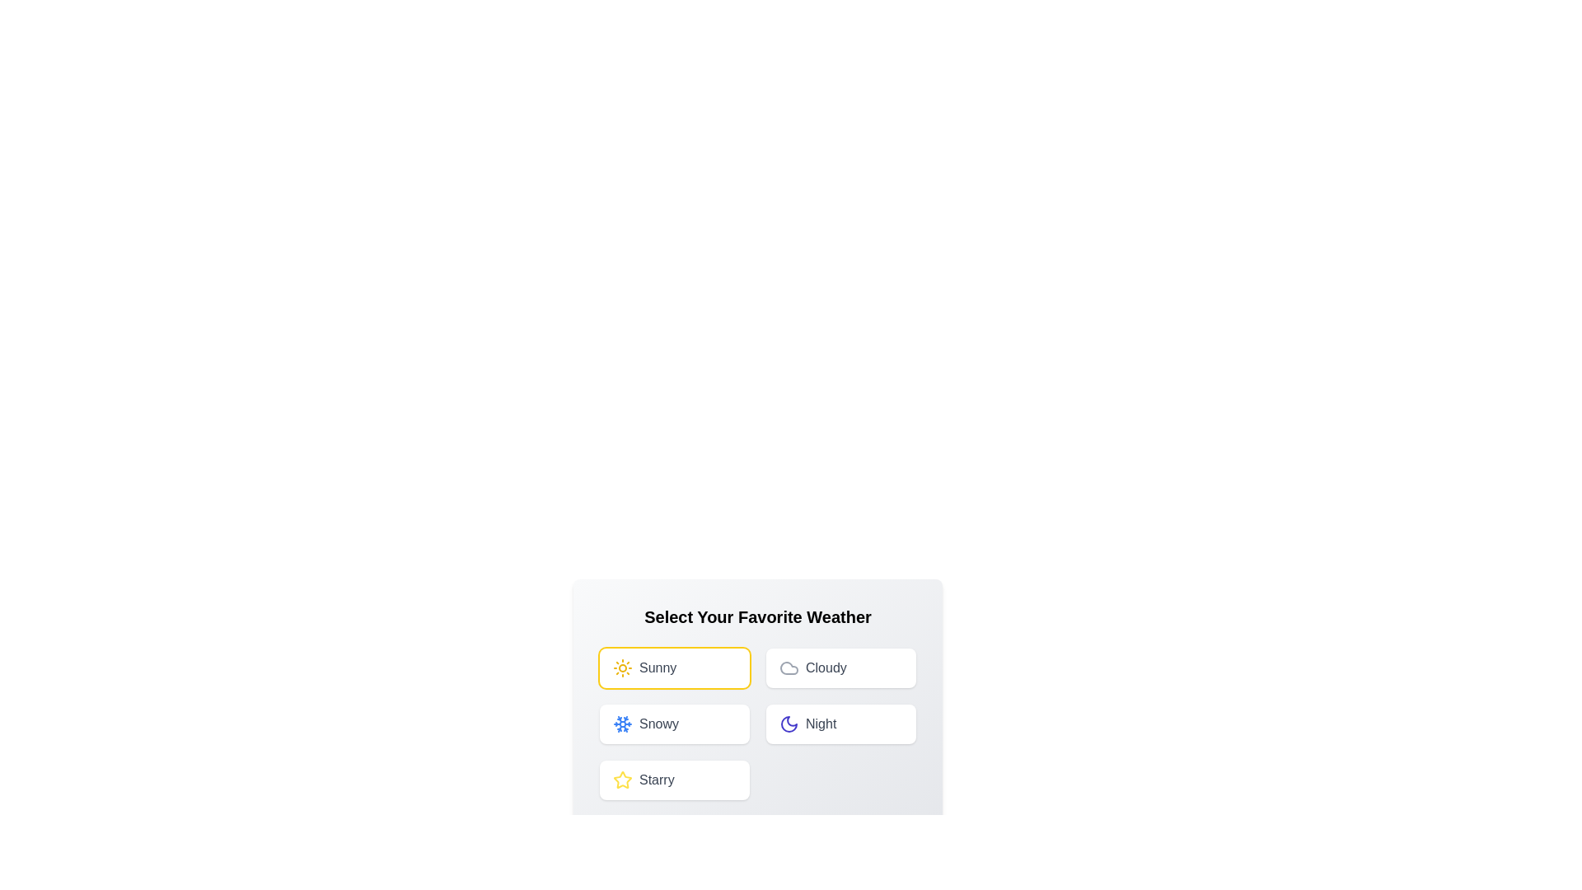  I want to click on the yellow star icon with a hollow center located in the bottom right corner of the weather options grid, so click(621, 779).